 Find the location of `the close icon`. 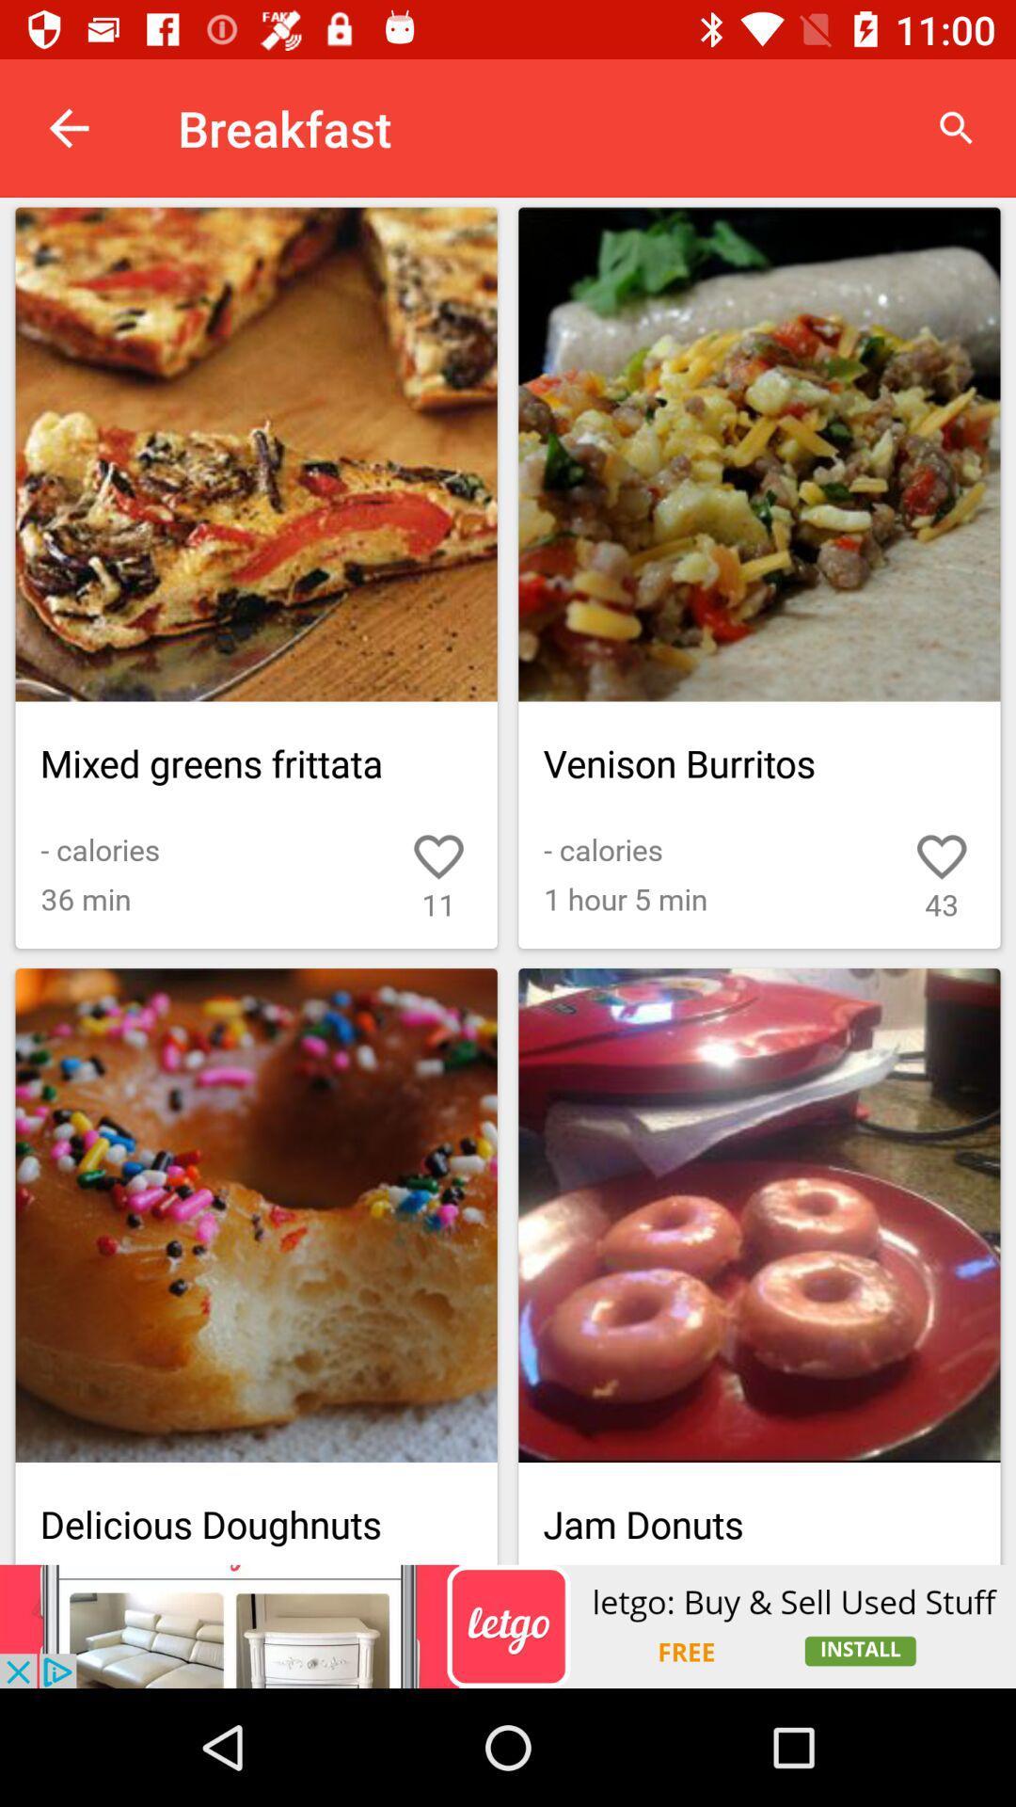

the close icon is located at coordinates (898, 1447).